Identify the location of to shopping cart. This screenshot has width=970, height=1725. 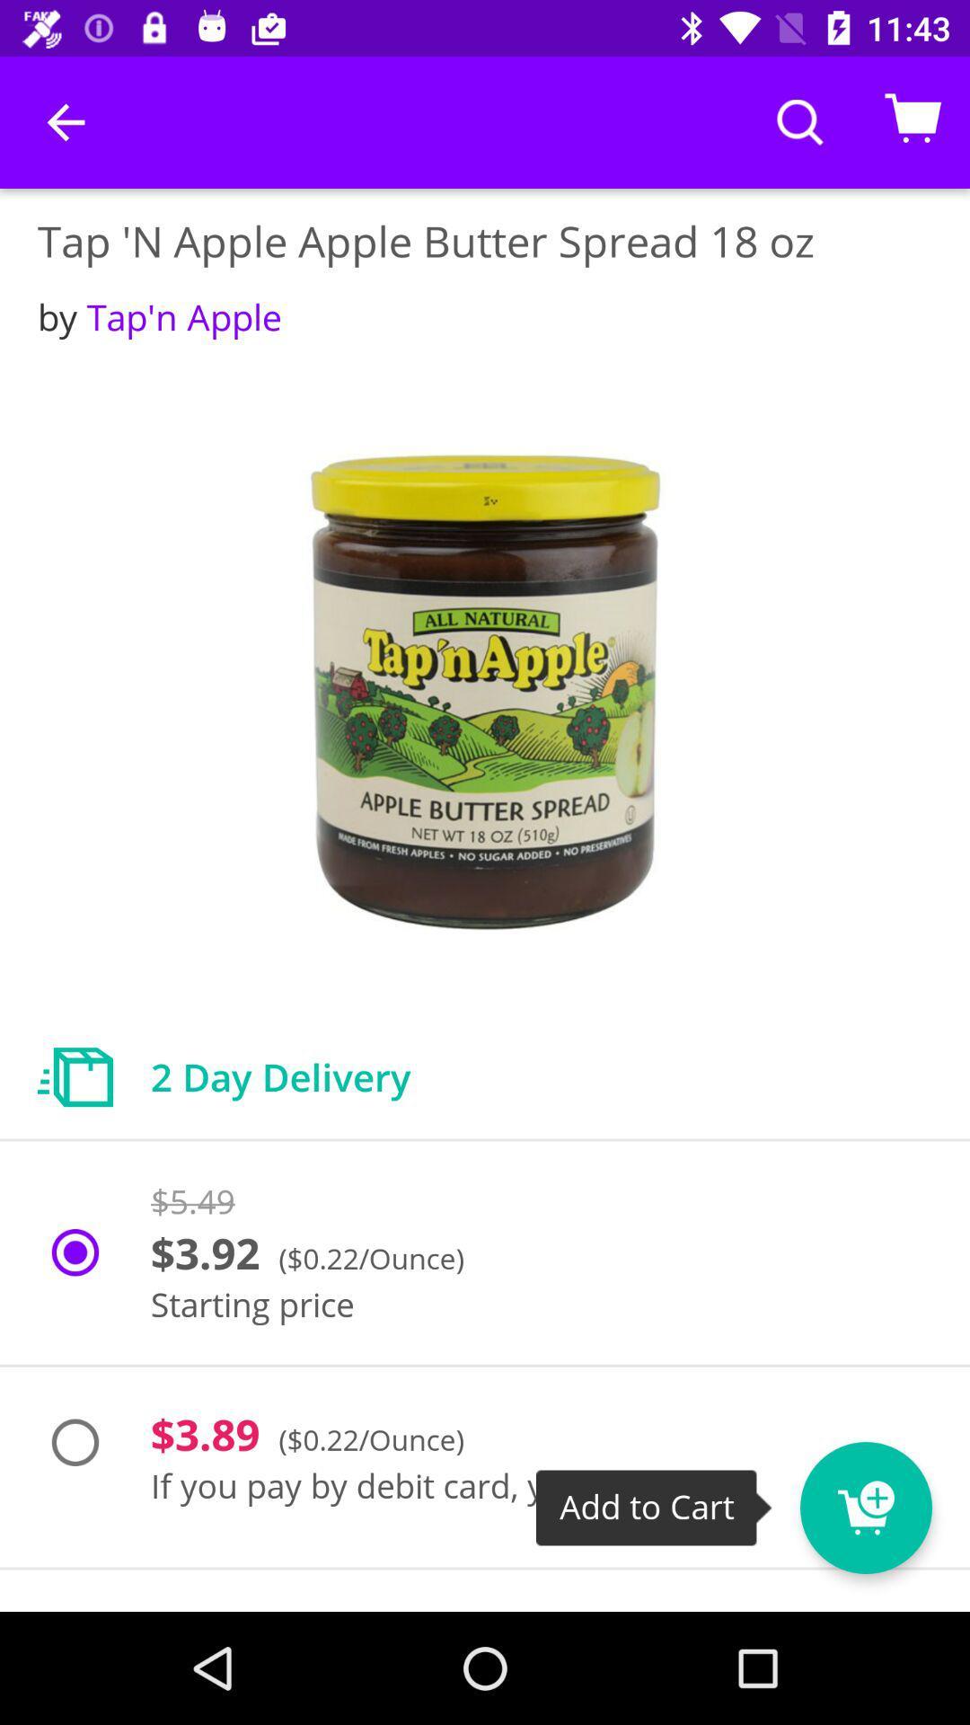
(899, 1496).